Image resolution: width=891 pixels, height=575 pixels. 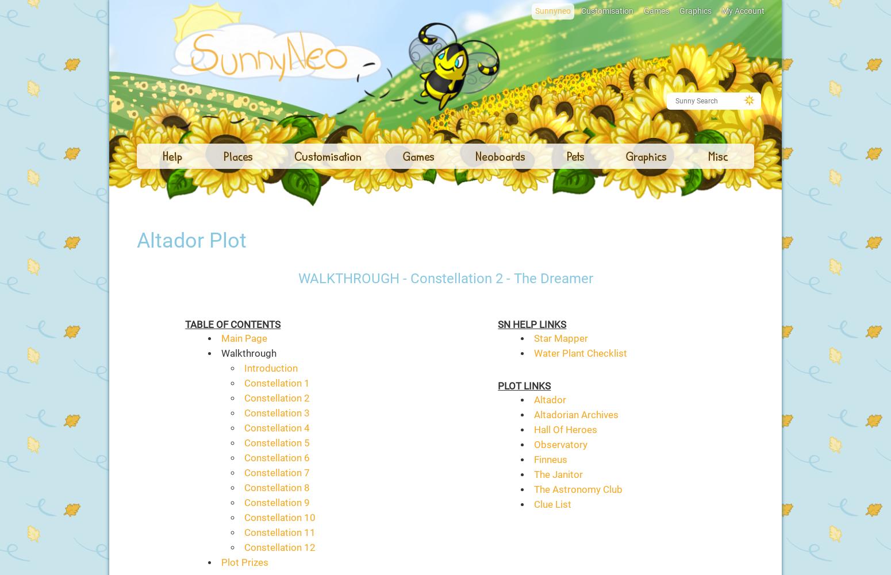 What do you see at coordinates (533, 445) in the screenshot?
I see `'Observatory'` at bounding box center [533, 445].